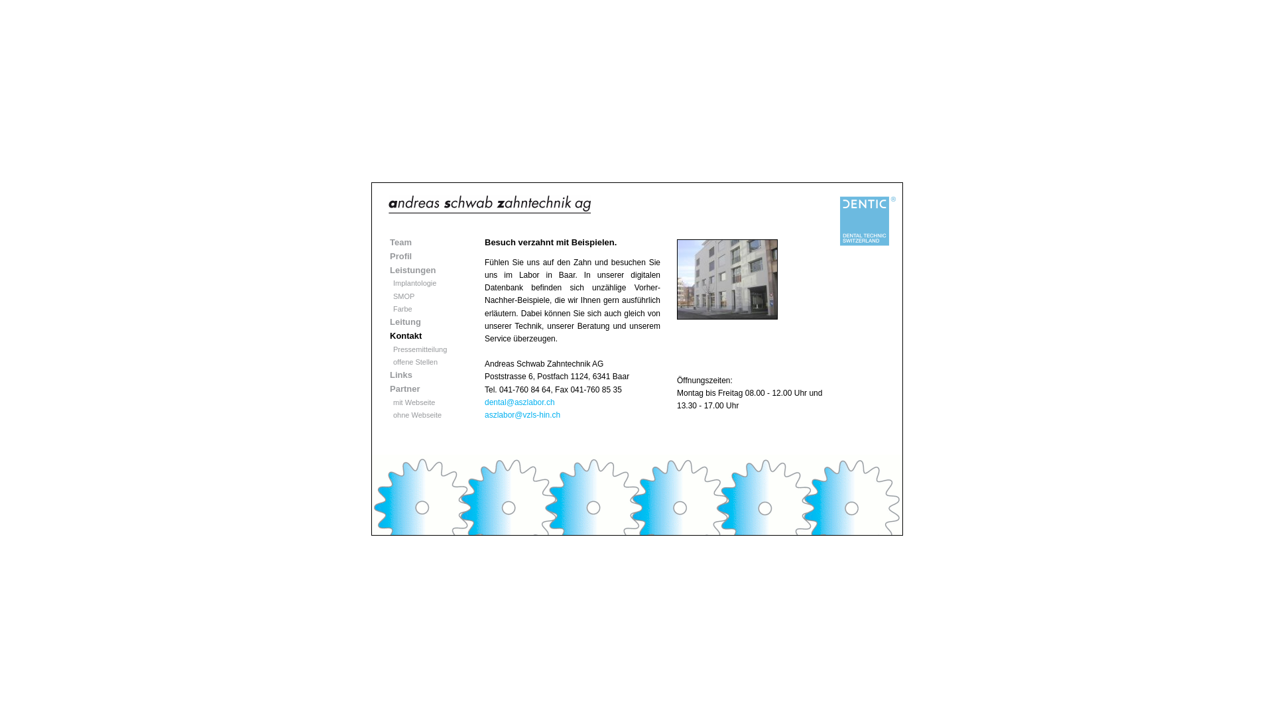  I want to click on 'Partner', so click(404, 388).